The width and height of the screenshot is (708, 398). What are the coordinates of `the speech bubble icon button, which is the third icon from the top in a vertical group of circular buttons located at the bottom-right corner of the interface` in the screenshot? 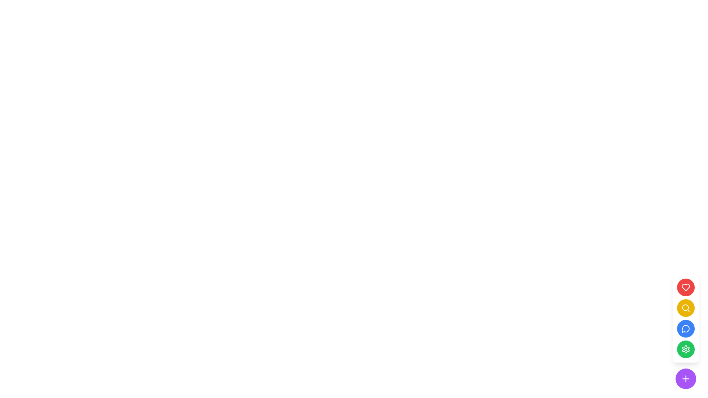 It's located at (685, 328).